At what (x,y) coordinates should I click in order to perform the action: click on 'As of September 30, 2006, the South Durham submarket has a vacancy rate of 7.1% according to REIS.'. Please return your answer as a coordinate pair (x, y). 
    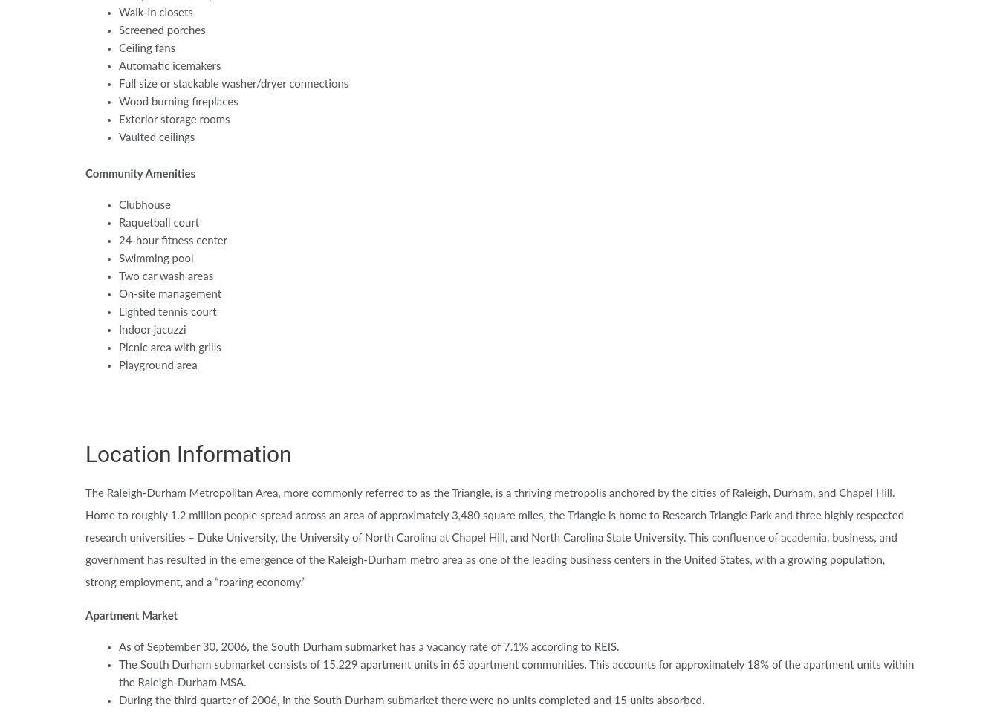
    Looking at the image, I should click on (118, 647).